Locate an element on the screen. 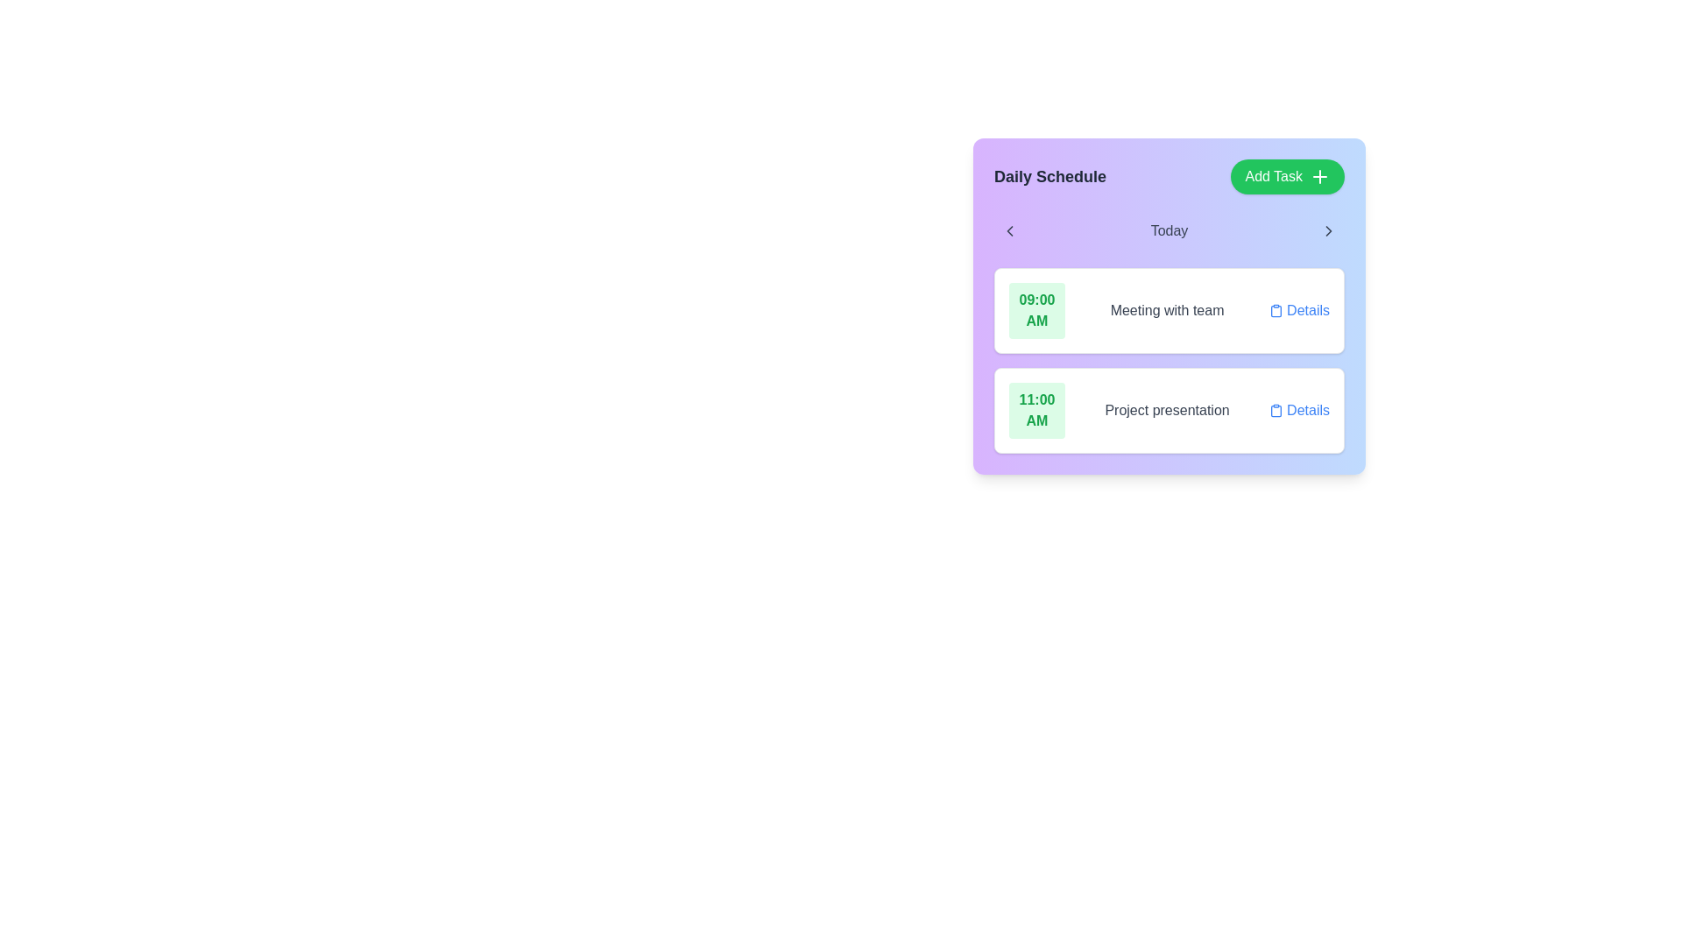 The height and width of the screenshot is (946, 1682). the plus icon located within the green 'Add Task' button in the upper right corner of the scheduling interface is located at coordinates (1320, 176).